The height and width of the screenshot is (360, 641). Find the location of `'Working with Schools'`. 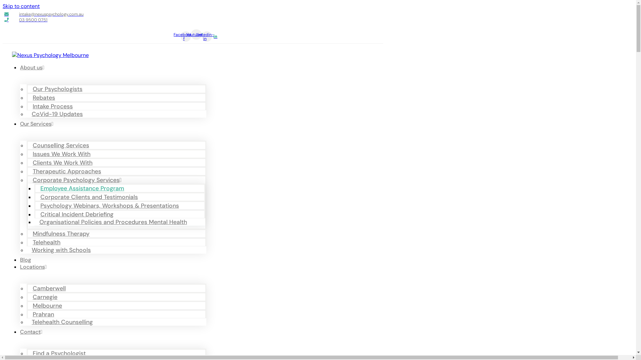

'Working with Schools' is located at coordinates (63, 250).